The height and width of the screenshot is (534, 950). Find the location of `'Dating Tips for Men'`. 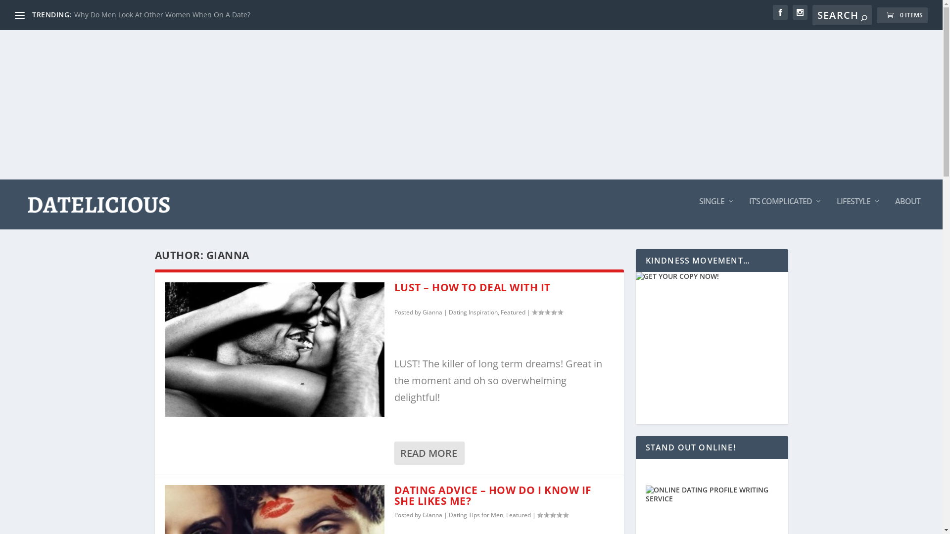

'Dating Tips for Men' is located at coordinates (475, 514).